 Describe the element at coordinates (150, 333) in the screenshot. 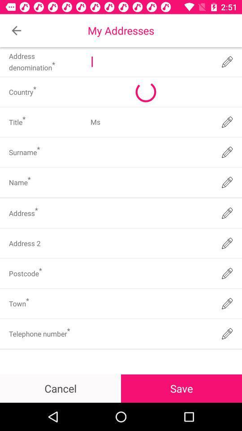

I see `phone number` at that location.